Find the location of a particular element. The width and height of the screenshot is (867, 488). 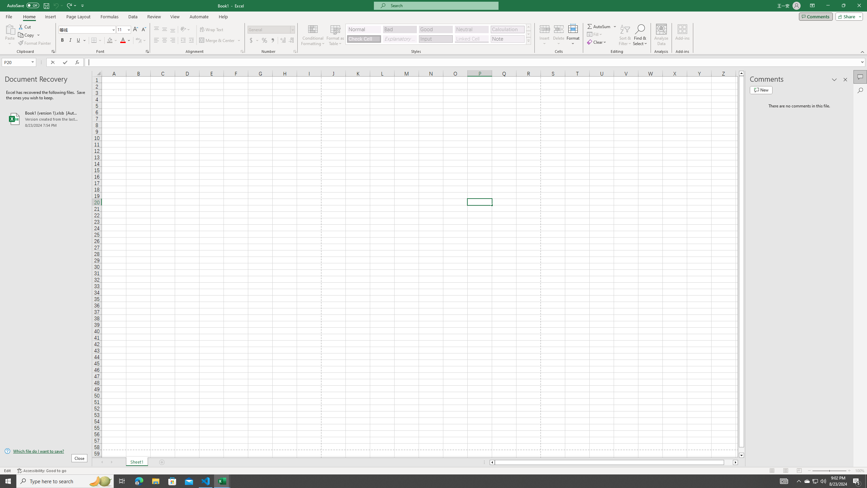

'Cell Styles' is located at coordinates (528, 40).